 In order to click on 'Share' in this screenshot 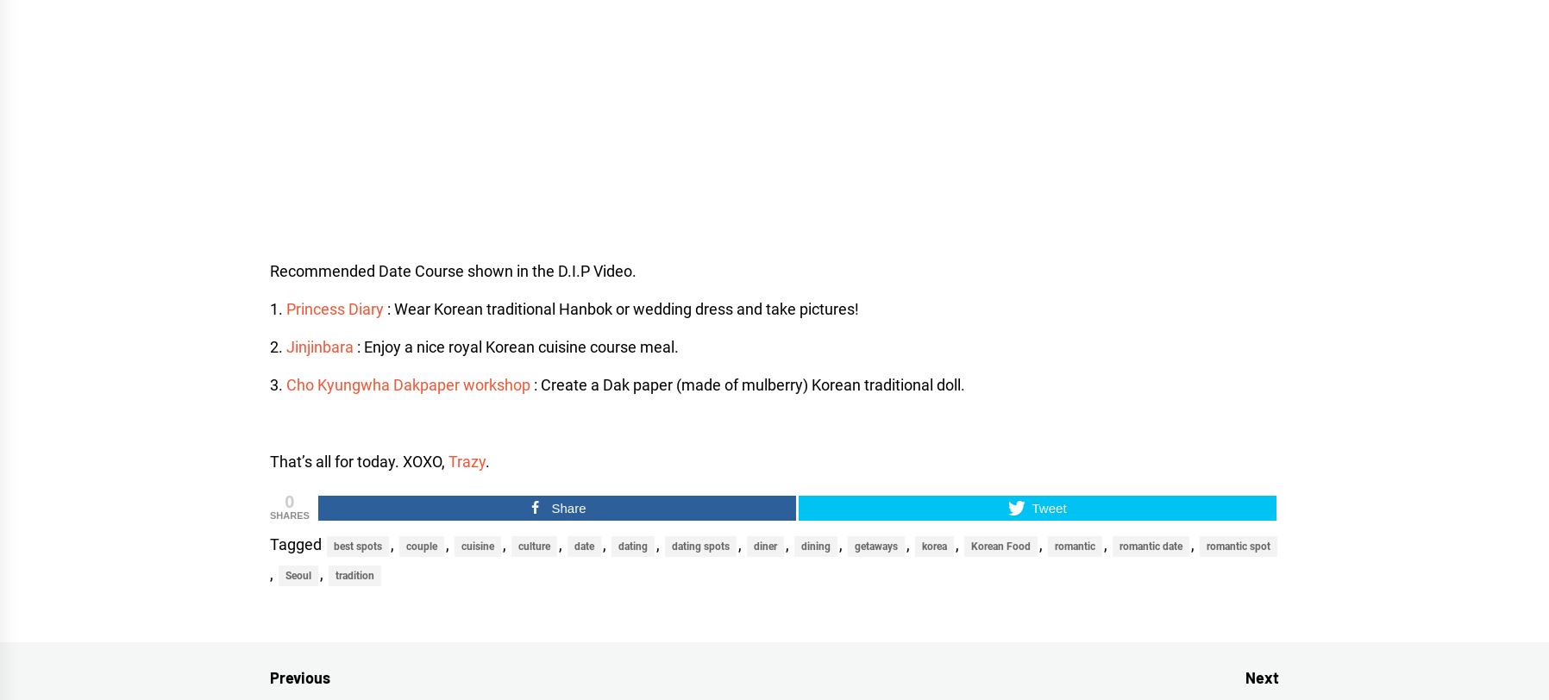, I will do `click(567, 507)`.